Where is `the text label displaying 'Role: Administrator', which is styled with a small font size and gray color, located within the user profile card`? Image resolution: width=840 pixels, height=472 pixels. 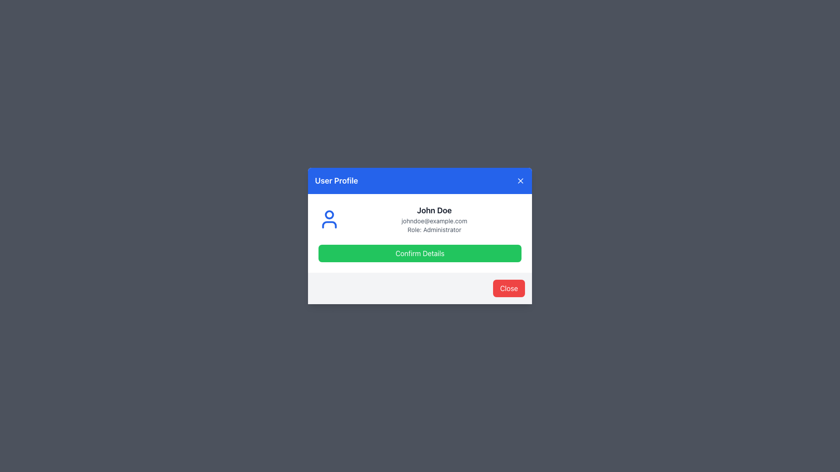 the text label displaying 'Role: Administrator', which is styled with a small font size and gray color, located within the user profile card is located at coordinates (434, 229).